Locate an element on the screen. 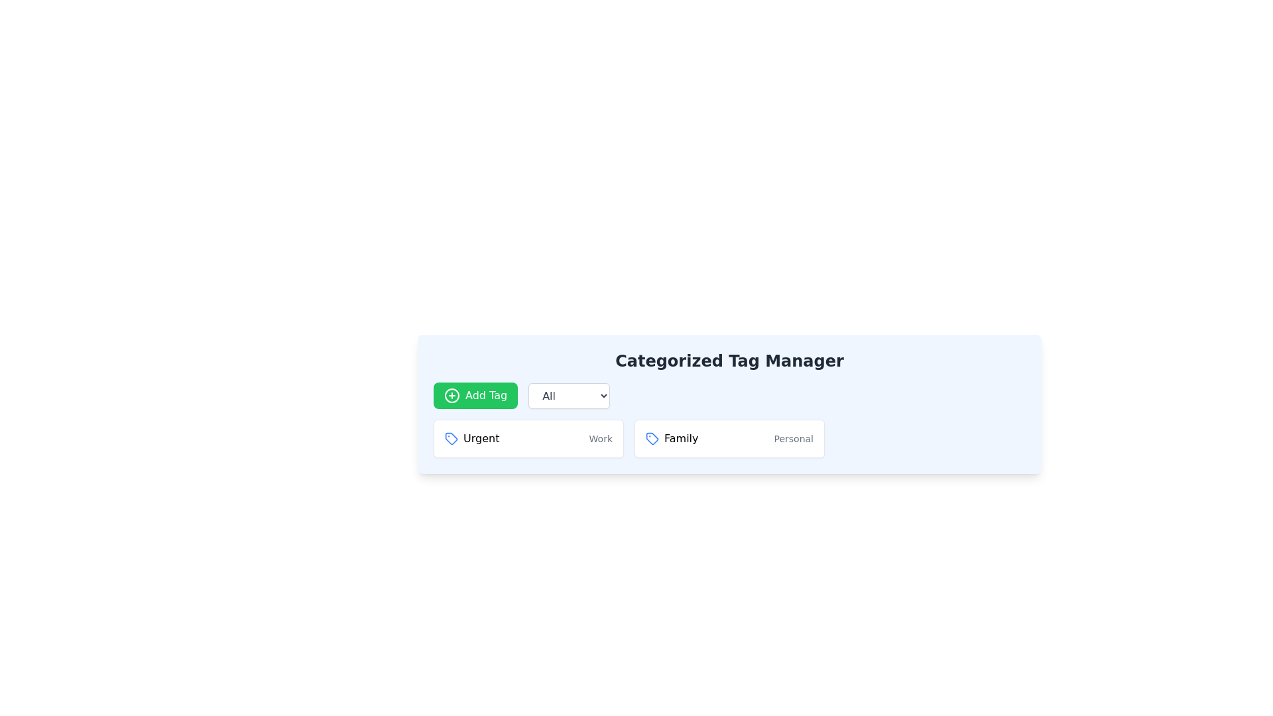 This screenshot has height=716, width=1273. the rectangular button with a green background labeled 'Add Tag' is located at coordinates (475, 395).